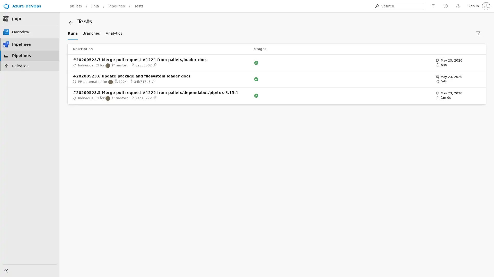  Describe the element at coordinates (377, 6) in the screenshot. I see `Get search results` at that location.